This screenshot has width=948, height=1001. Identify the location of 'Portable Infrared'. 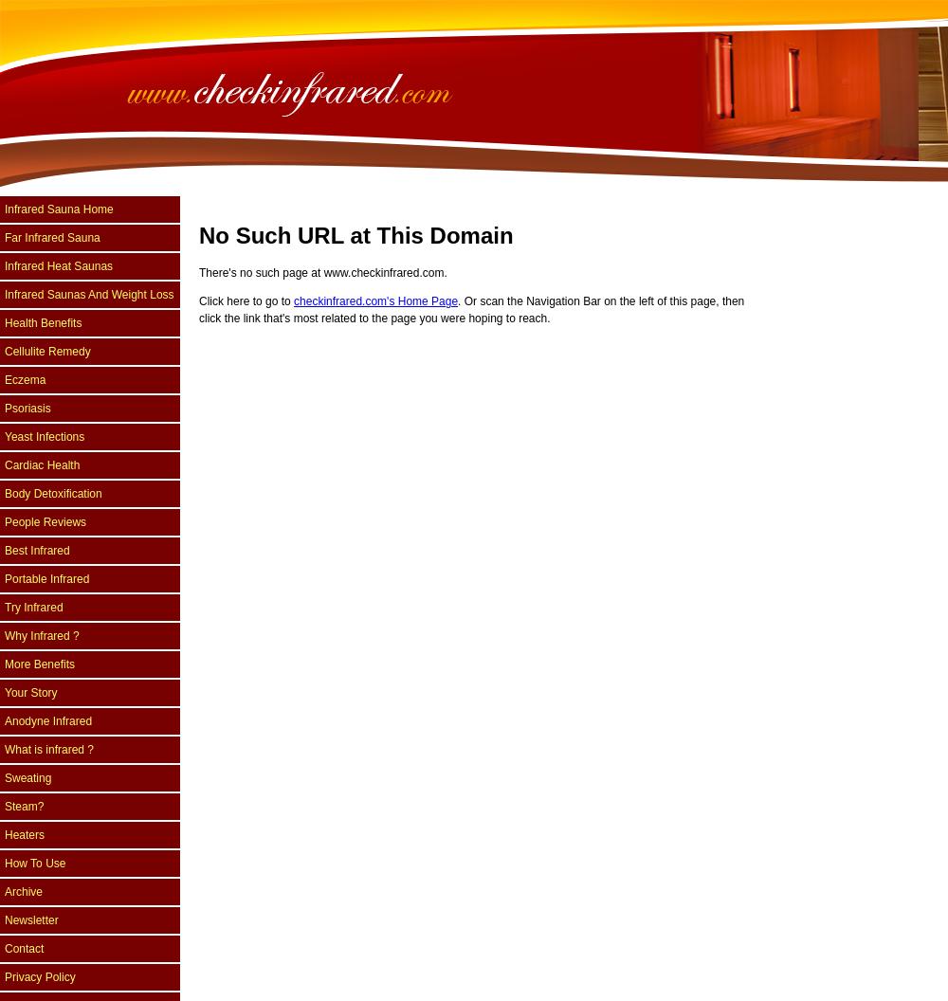
(46, 578).